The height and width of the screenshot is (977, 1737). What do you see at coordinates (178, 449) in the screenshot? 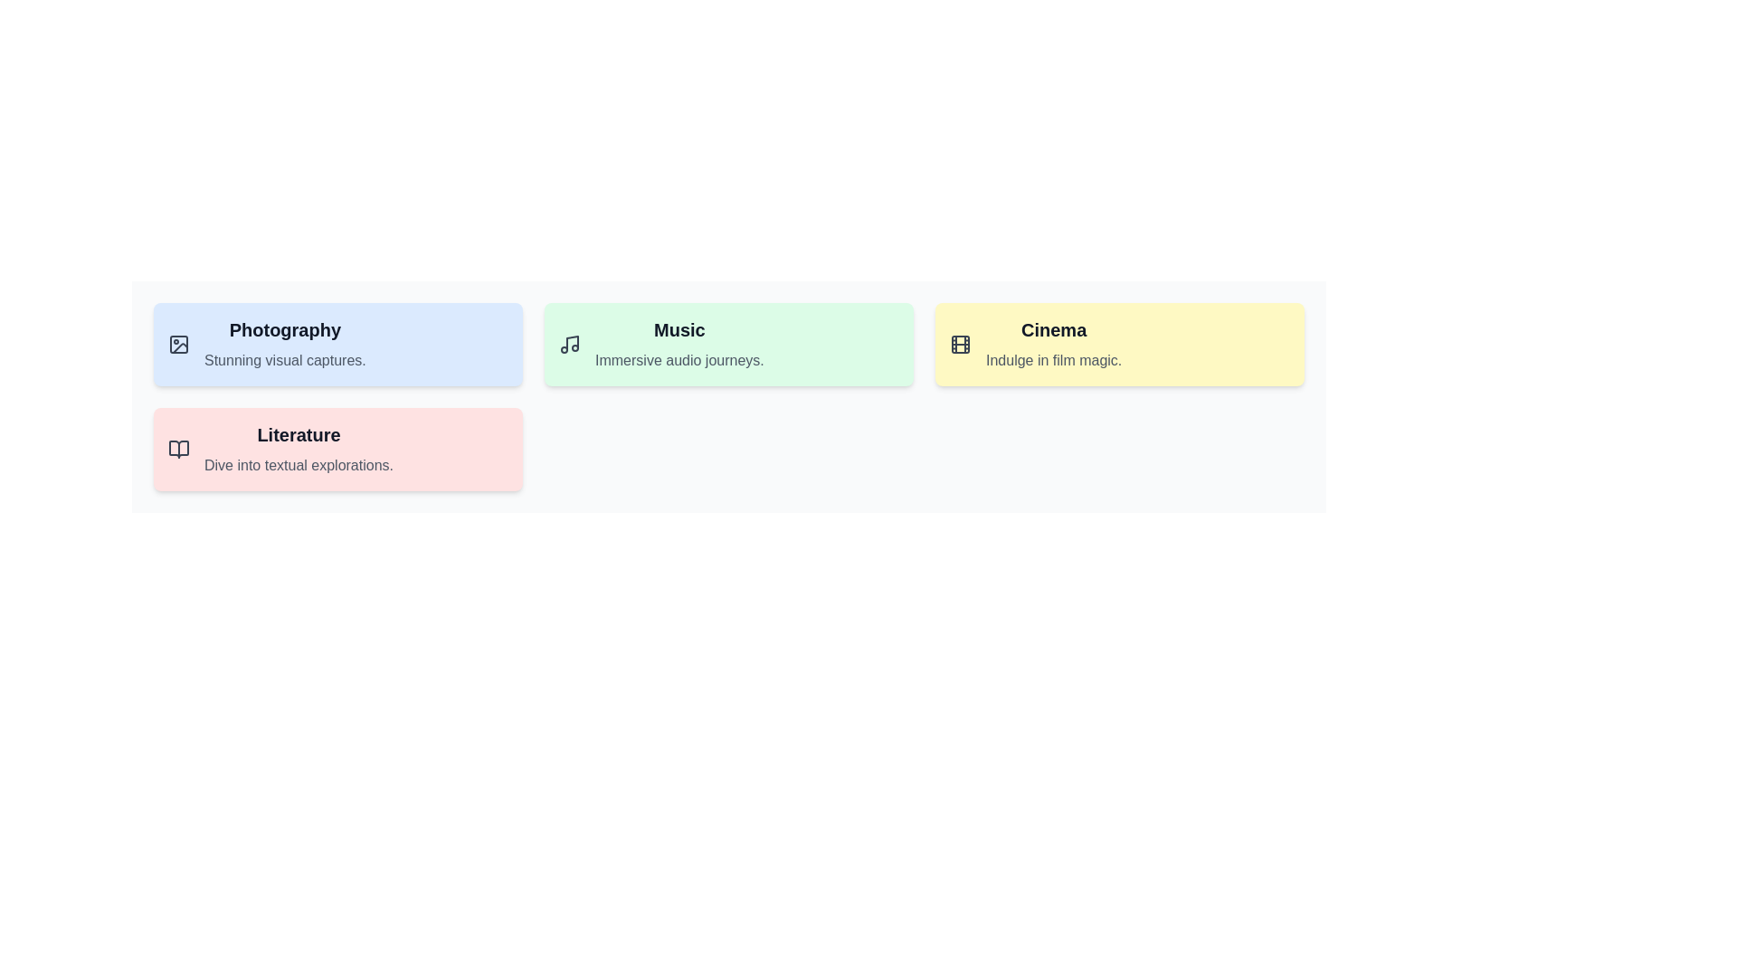
I see `the open book icon located in the top-left corner of the 'Literature' card, which is positioned in a red background card` at bounding box center [178, 449].